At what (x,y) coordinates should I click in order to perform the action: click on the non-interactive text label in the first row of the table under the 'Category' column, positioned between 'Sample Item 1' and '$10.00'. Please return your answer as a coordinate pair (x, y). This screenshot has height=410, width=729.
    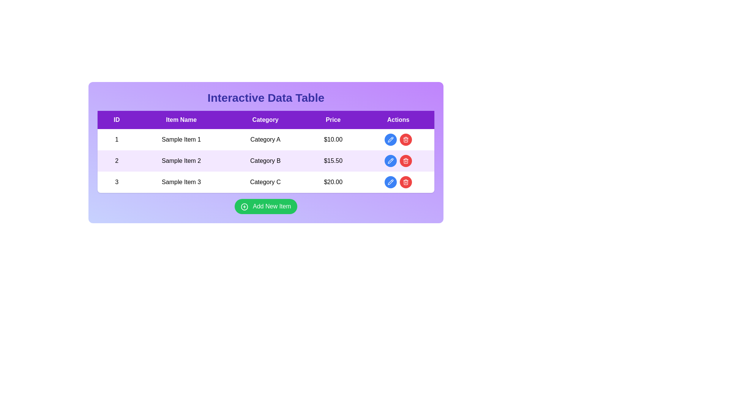
    Looking at the image, I should click on (266, 139).